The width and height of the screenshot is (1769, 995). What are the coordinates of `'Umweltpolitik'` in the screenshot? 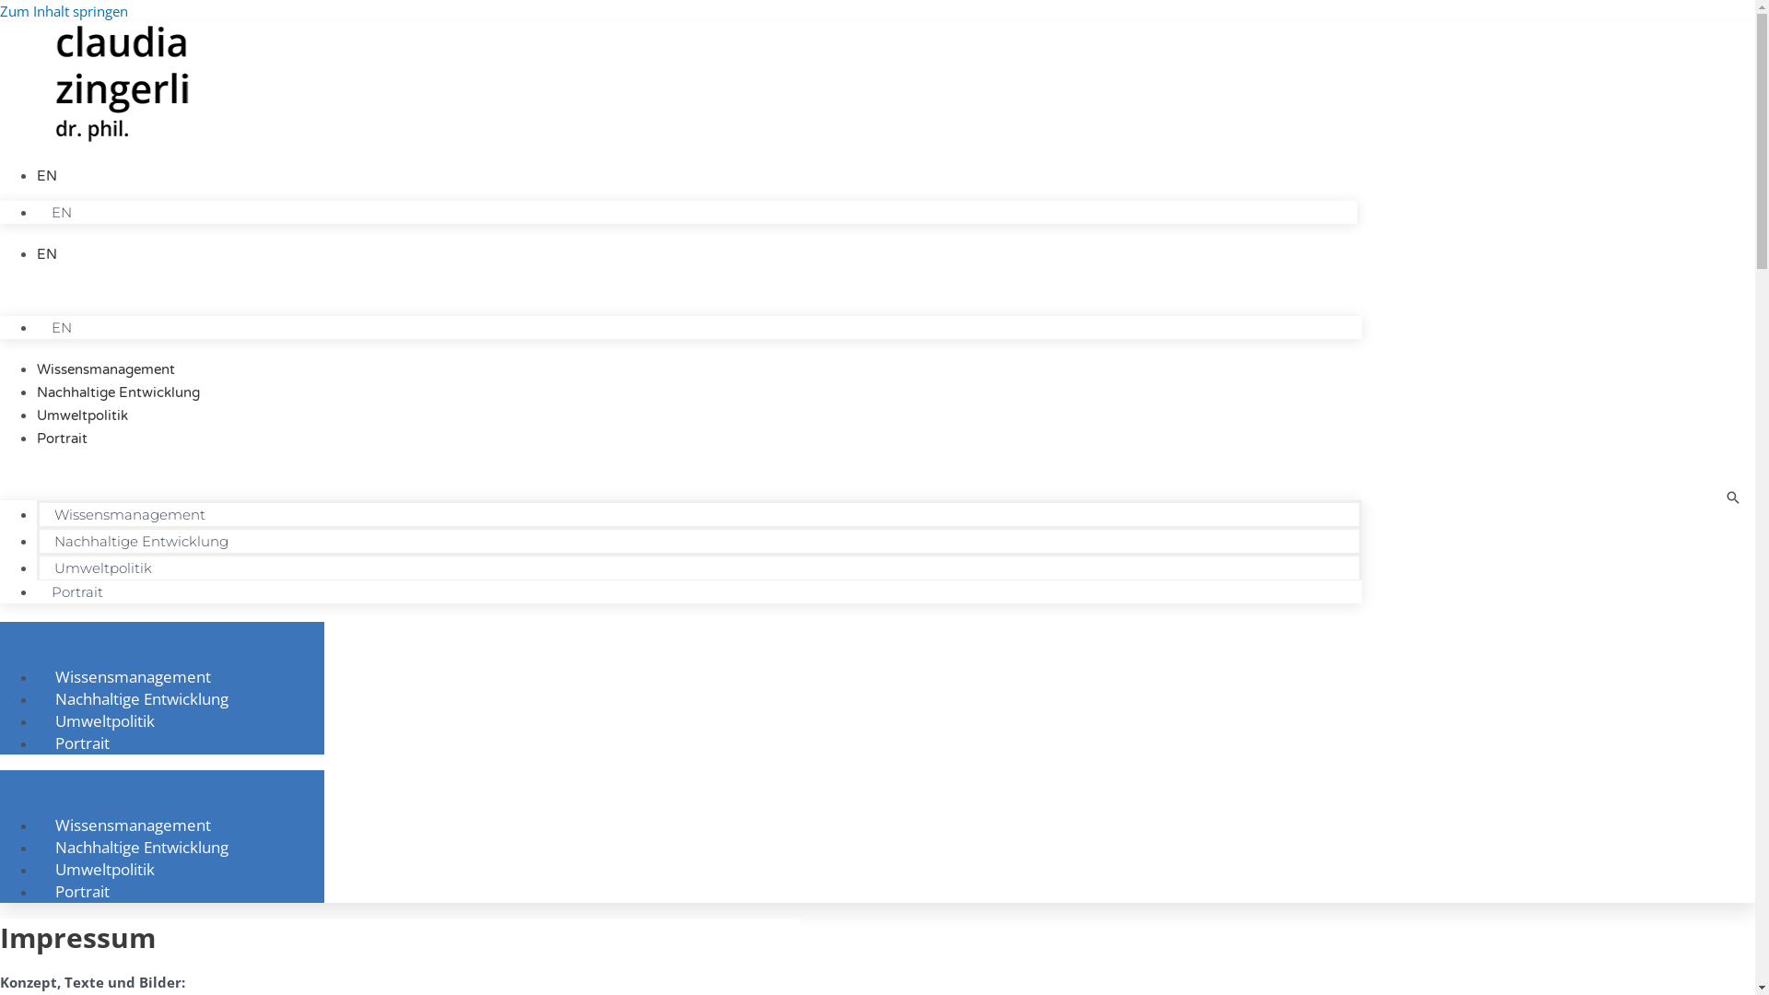 It's located at (40, 567).